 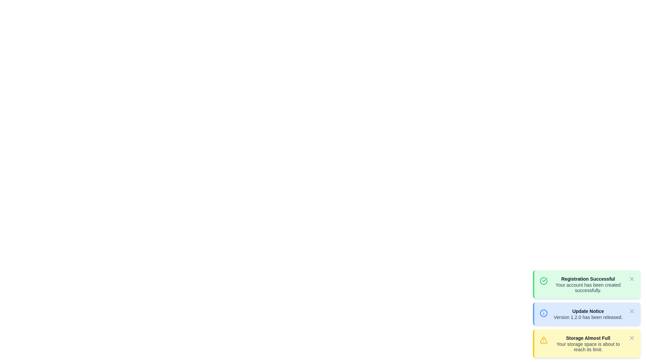 I want to click on the circular icon with a blue border and central vertical line and dot, located within the 'Update Notice' notification card under the 'Registration Successful' card, so click(x=544, y=313).